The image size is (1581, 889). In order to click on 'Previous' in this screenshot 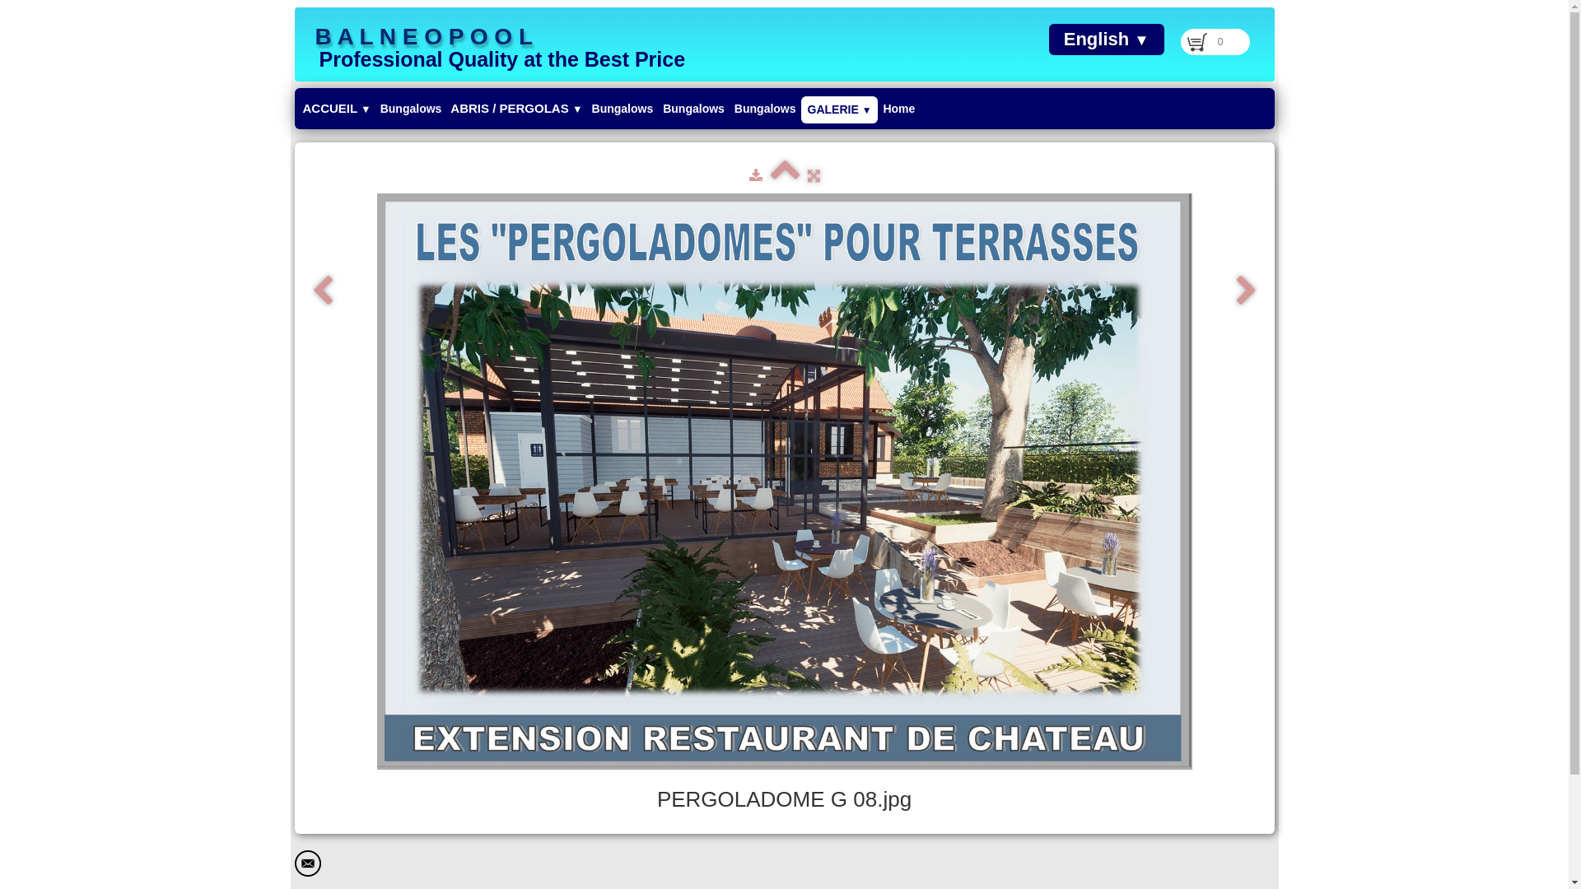, I will do `click(311, 291)`.